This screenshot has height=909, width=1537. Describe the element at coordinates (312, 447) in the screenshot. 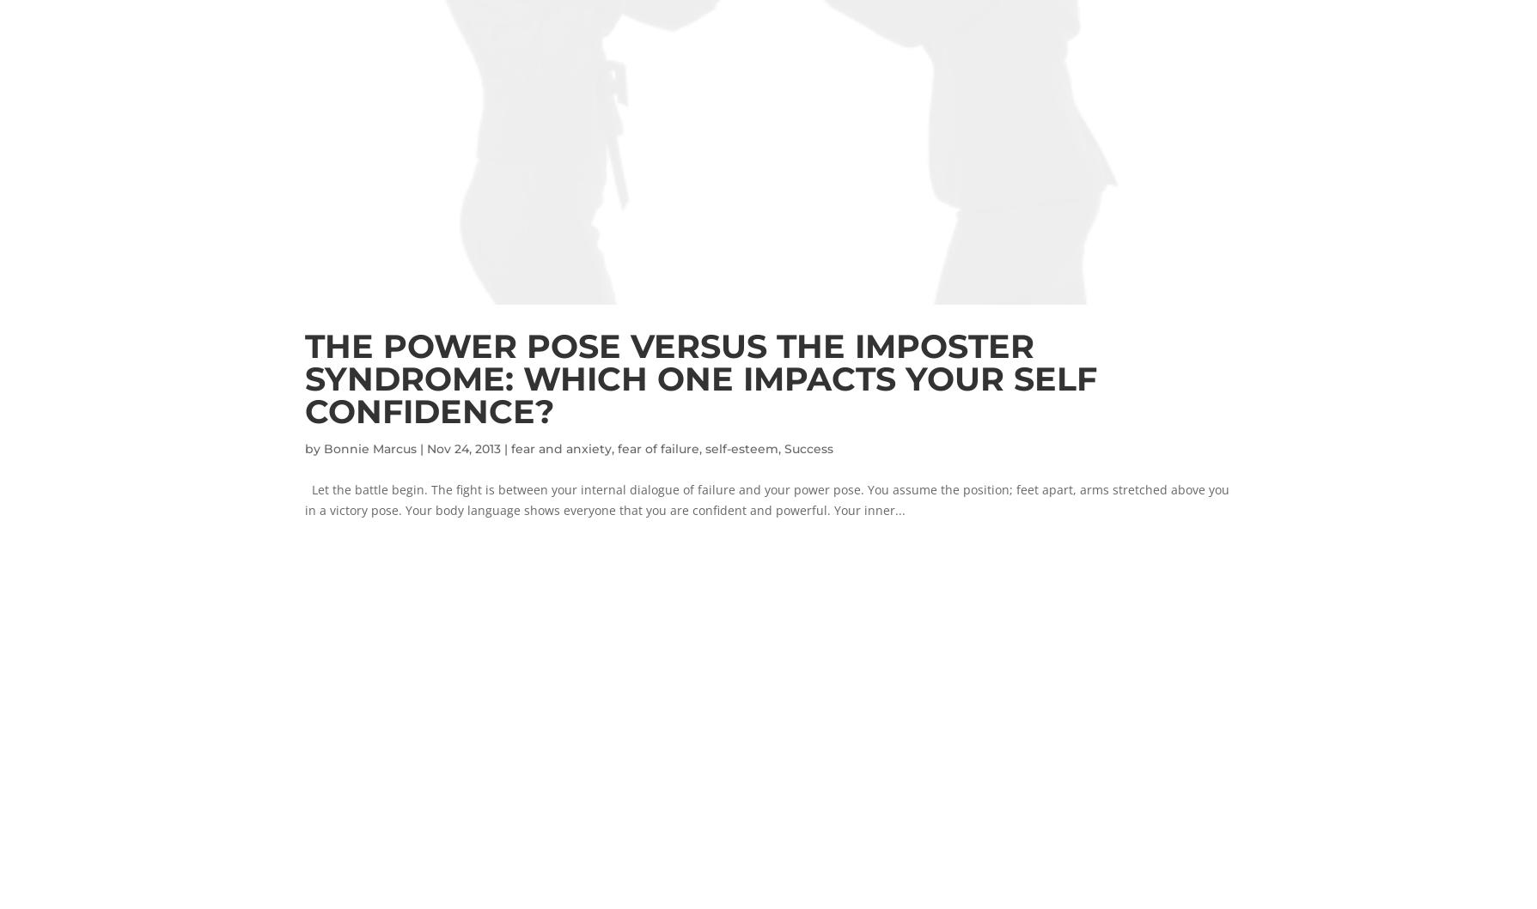

I see `'by'` at that location.